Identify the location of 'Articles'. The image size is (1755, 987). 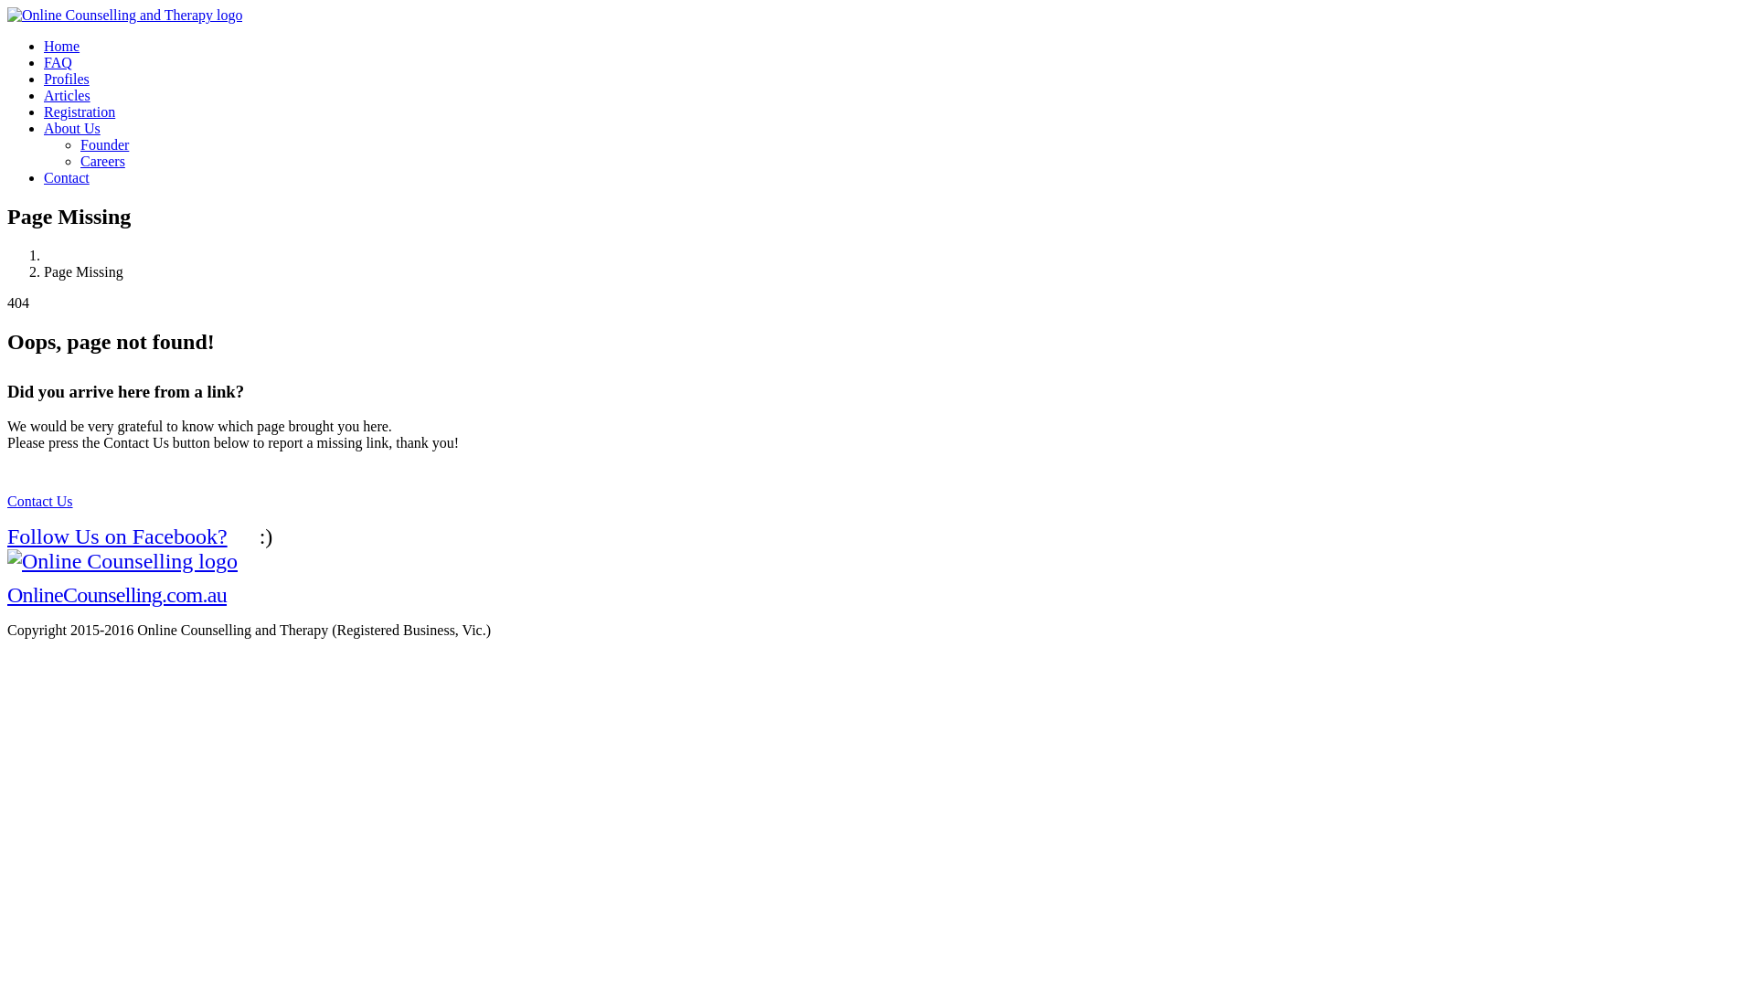
(67, 95).